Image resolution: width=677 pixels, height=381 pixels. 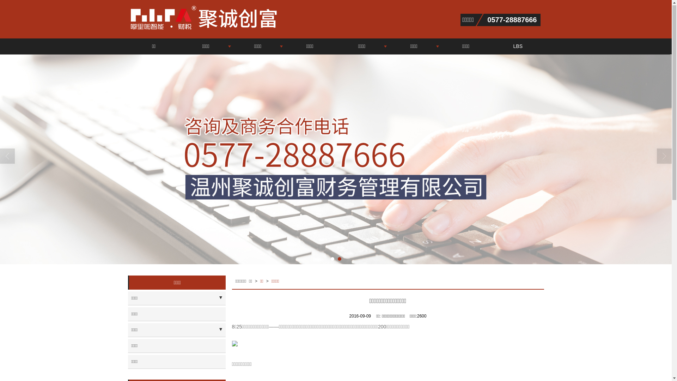 What do you see at coordinates (518, 46) in the screenshot?
I see `'LBS'` at bounding box center [518, 46].